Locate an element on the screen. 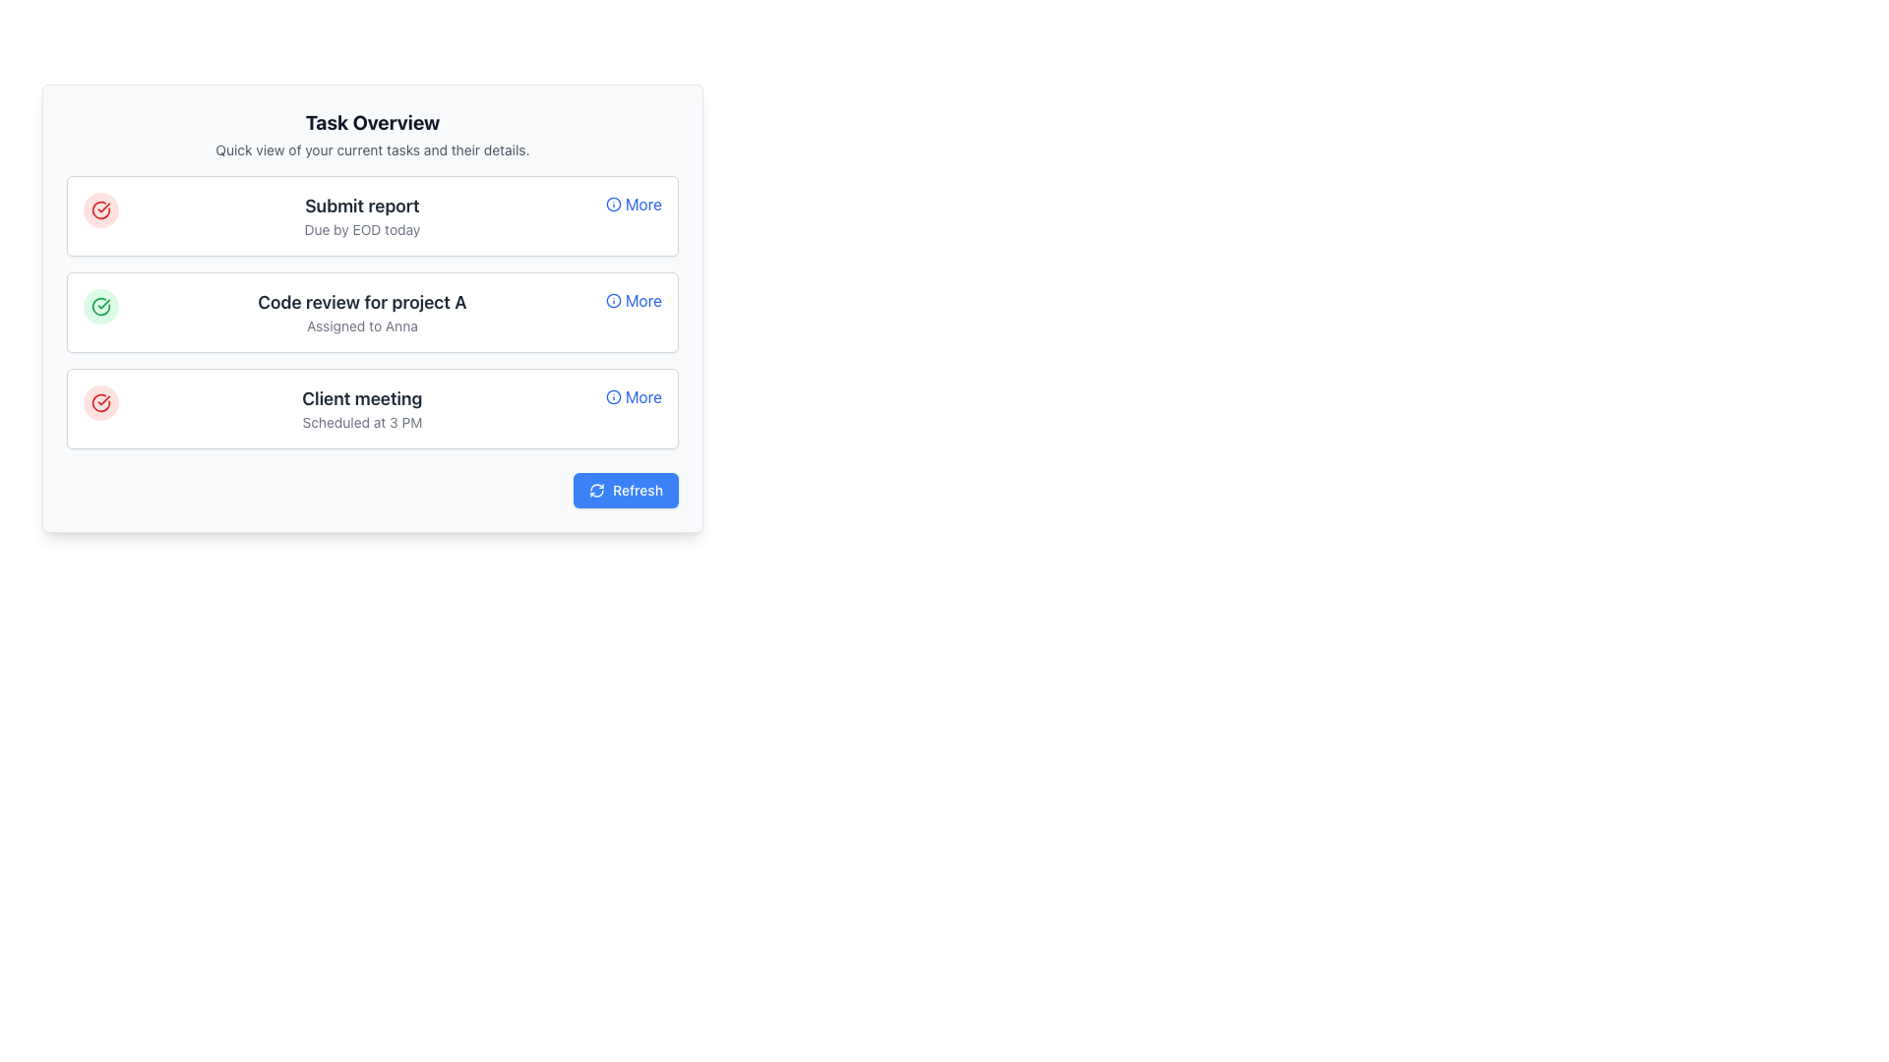 The width and height of the screenshot is (1889, 1062). the second icon is located at coordinates (99, 307).